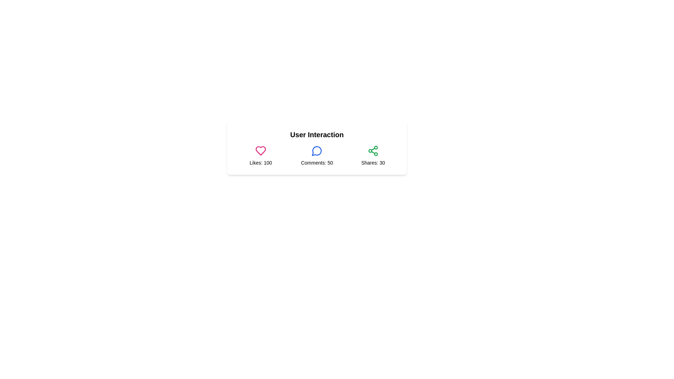 Image resolution: width=674 pixels, height=379 pixels. What do you see at coordinates (372, 150) in the screenshot?
I see `the green share symbol icon located in the 'Shares: 30' section, which is the rightmost icon in the 'User Interaction' section` at bounding box center [372, 150].